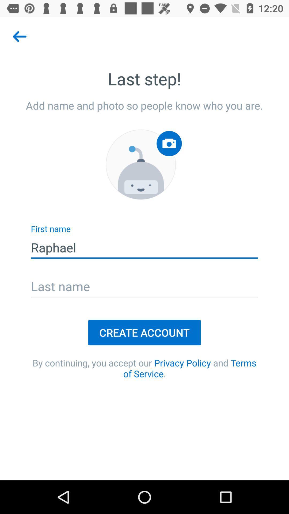  I want to click on by continuing you item, so click(144, 368).